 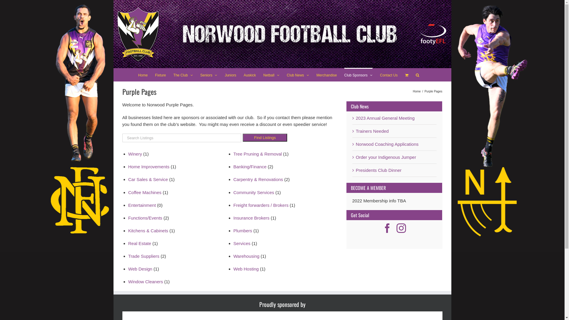 What do you see at coordinates (358, 74) in the screenshot?
I see `'Club Sponsors'` at bounding box center [358, 74].